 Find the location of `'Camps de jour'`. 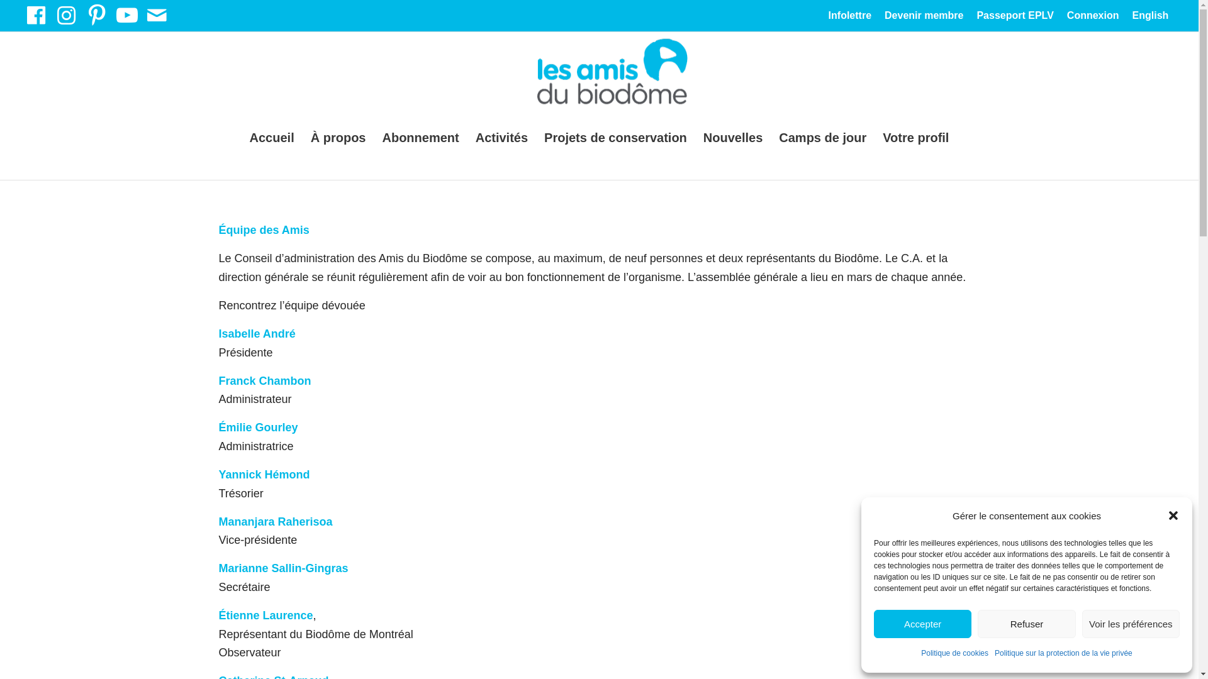

'Camps de jour' is located at coordinates (822, 138).